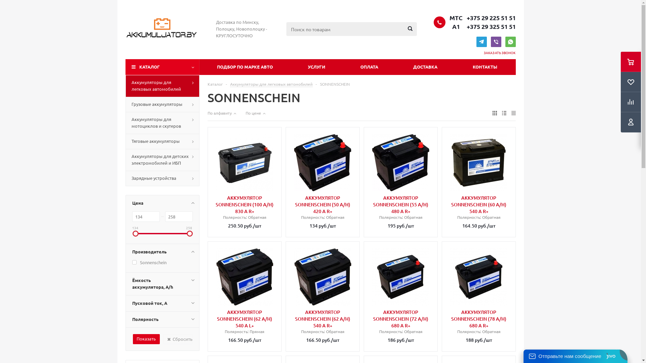 This screenshot has height=363, width=646. I want to click on ' MTC   +375 29 225 51 51', so click(481, 17).